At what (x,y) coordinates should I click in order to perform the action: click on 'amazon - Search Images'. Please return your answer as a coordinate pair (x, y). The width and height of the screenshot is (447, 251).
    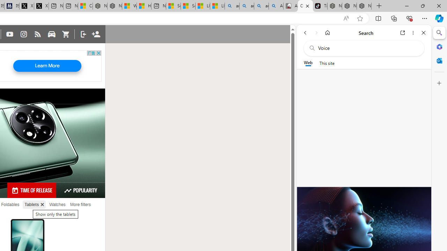
    Looking at the image, I should click on (261, 6).